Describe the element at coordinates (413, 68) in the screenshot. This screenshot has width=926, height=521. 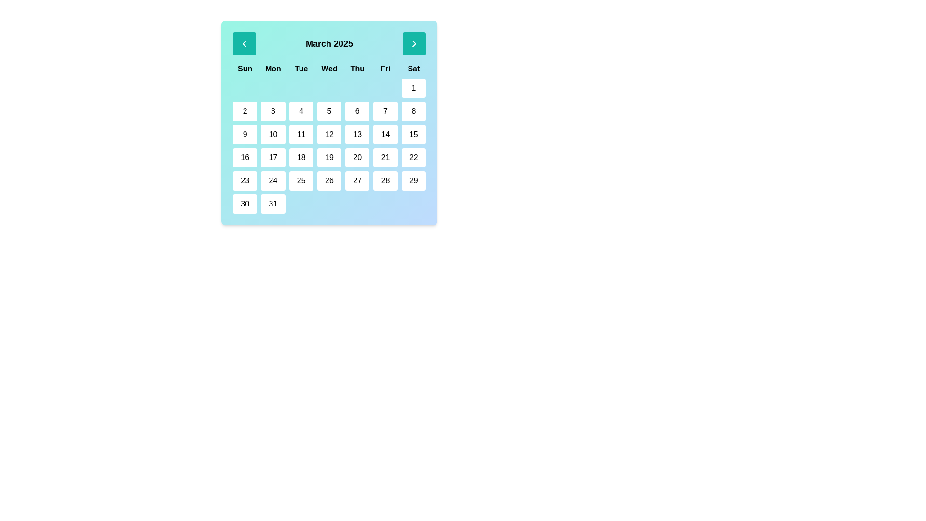
I see `the text label element displaying 'Sat' in a bold font style, located at the top-right corner of the calendar header row` at that location.